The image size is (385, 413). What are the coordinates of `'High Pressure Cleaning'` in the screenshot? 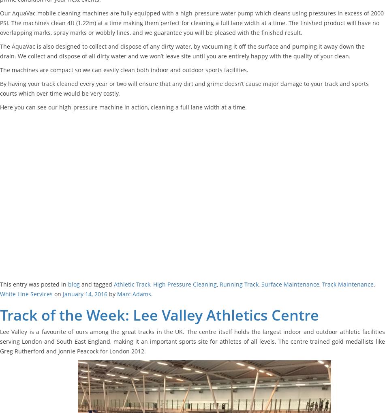 It's located at (184, 284).